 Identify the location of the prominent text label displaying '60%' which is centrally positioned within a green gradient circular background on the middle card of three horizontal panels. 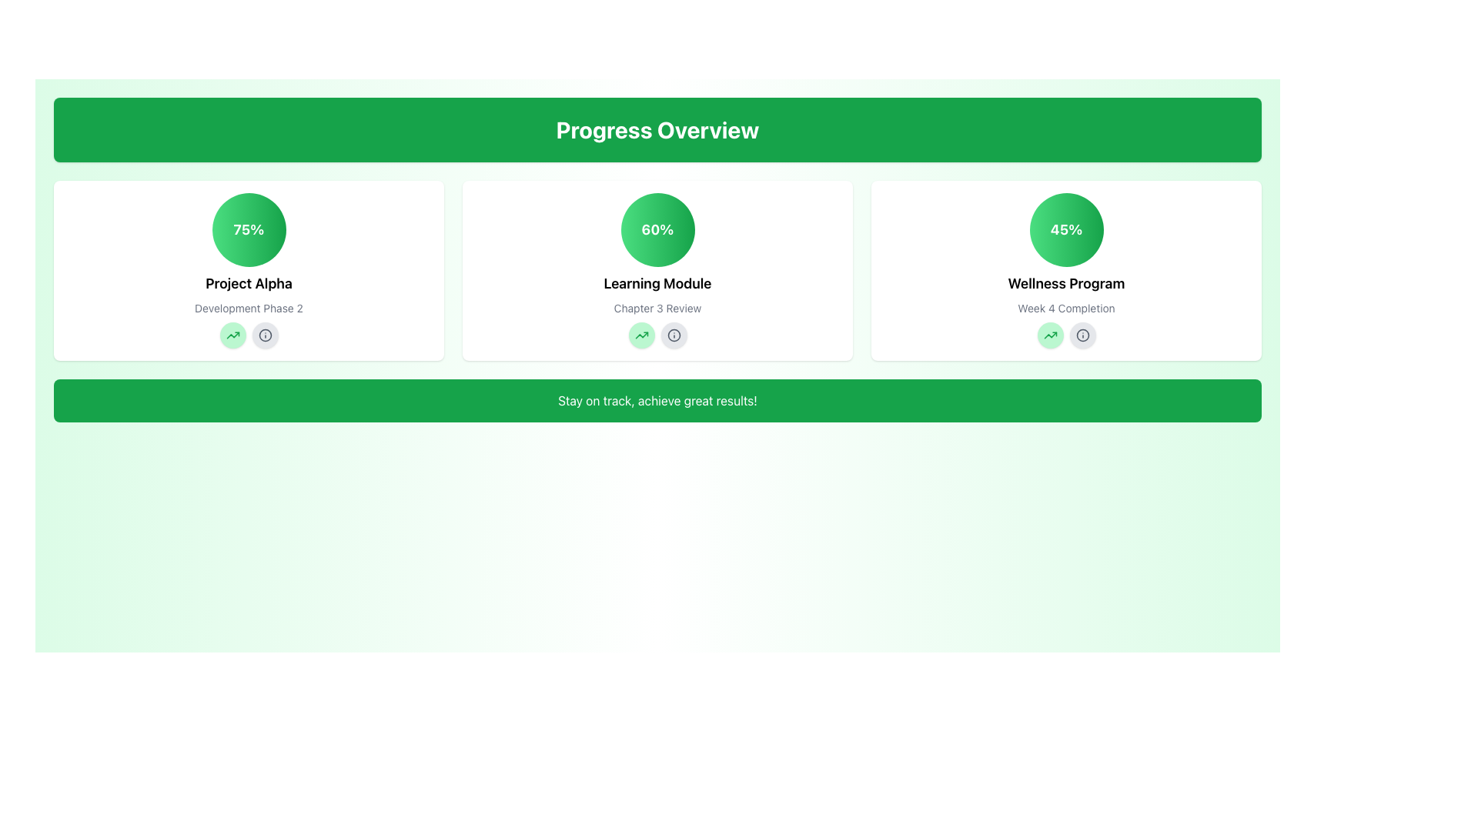
(657, 230).